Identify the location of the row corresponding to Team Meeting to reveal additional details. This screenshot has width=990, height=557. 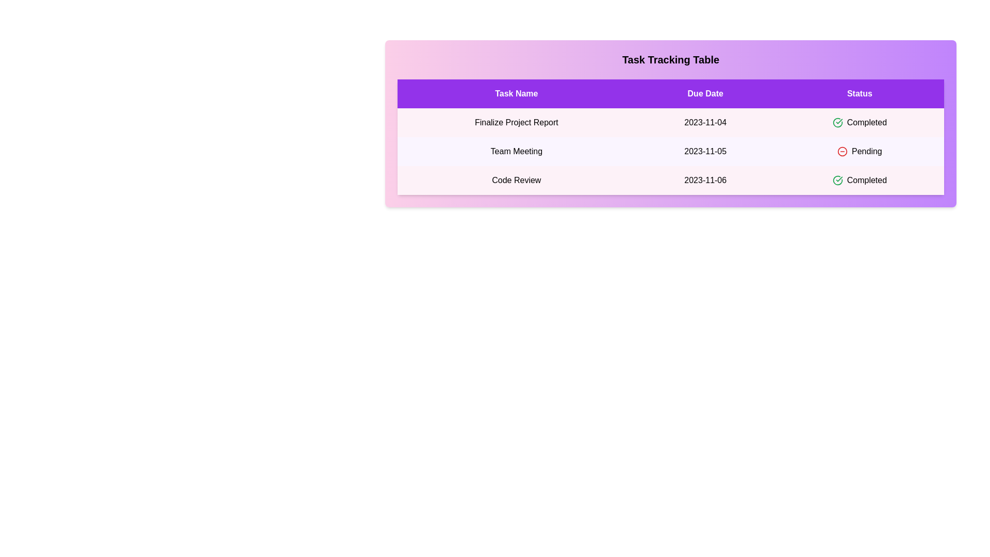
(670, 151).